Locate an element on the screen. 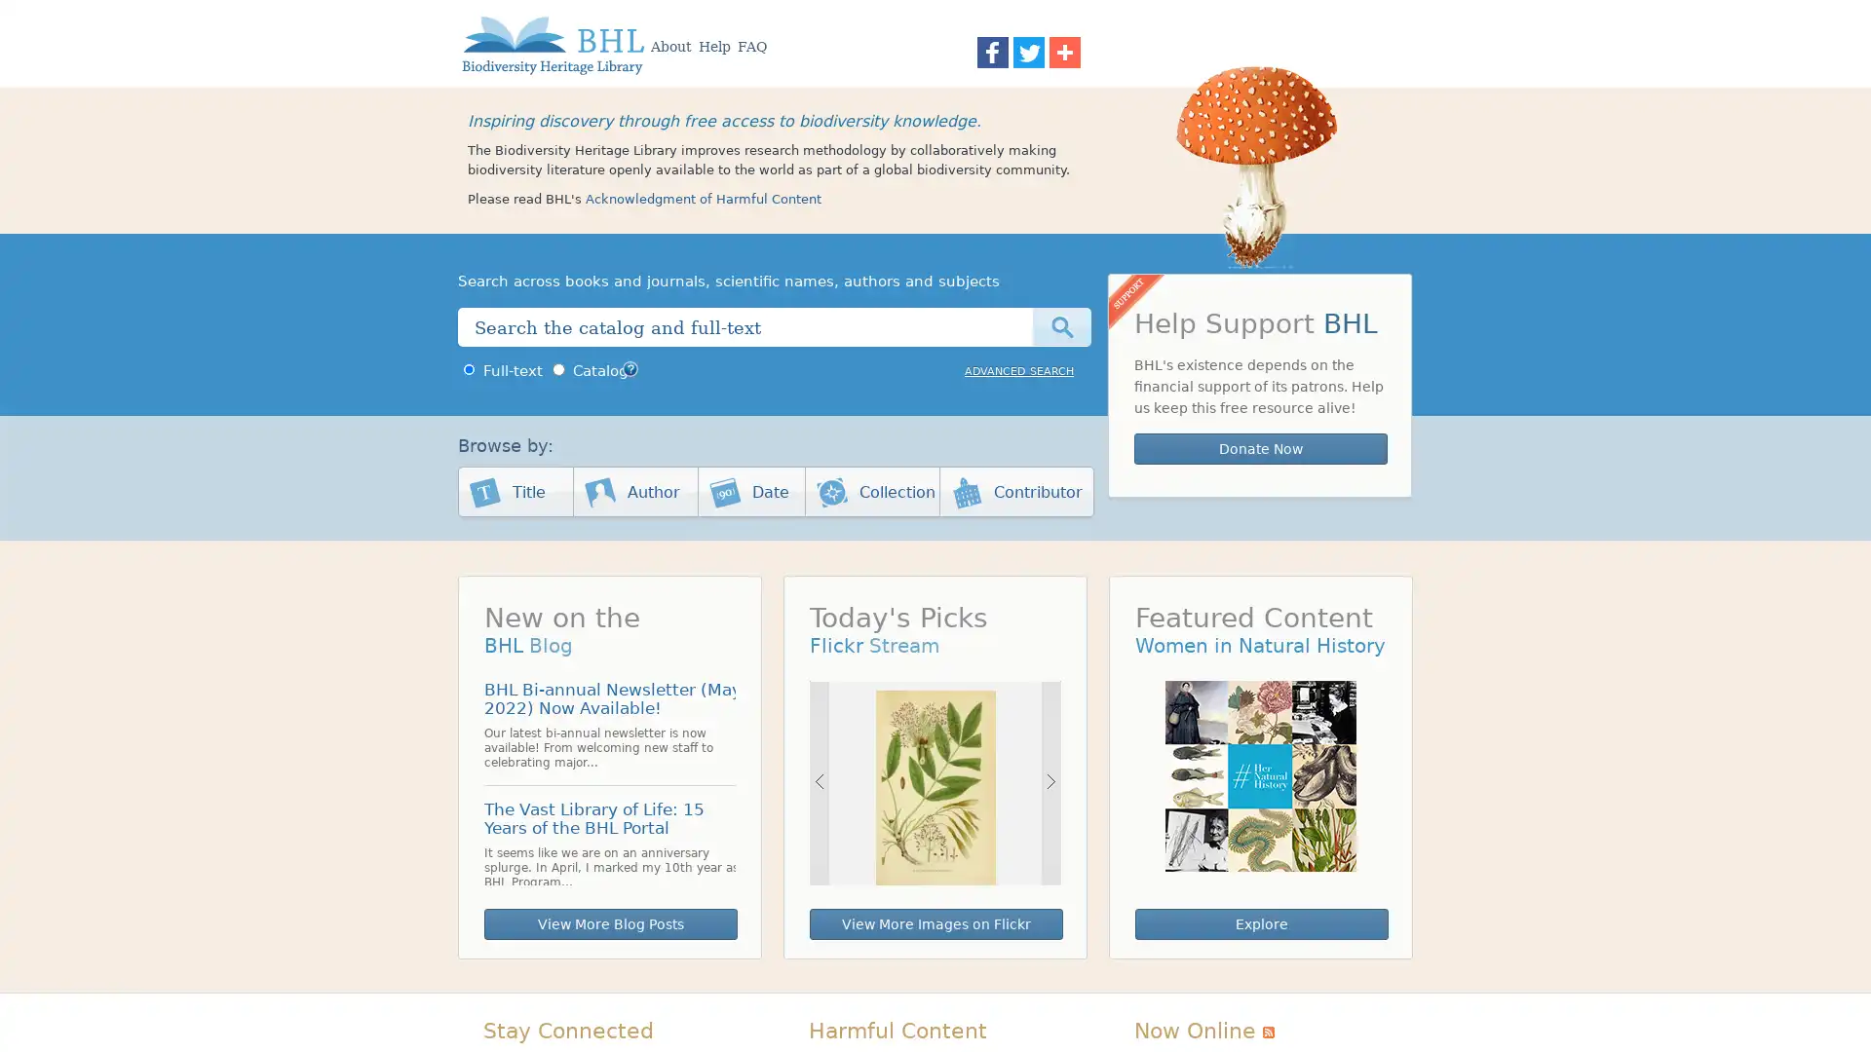 This screenshot has width=1871, height=1052. Share to More is located at coordinates (1064, 52).